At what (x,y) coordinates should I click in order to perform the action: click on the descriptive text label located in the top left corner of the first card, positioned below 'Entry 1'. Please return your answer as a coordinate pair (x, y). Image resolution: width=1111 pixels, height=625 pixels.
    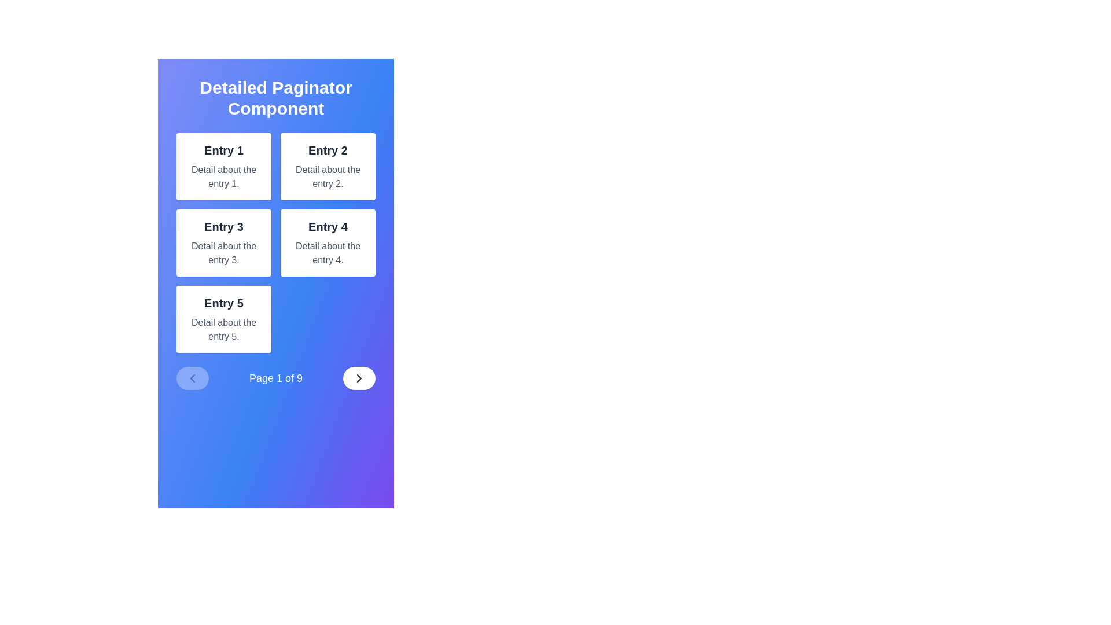
    Looking at the image, I should click on (224, 177).